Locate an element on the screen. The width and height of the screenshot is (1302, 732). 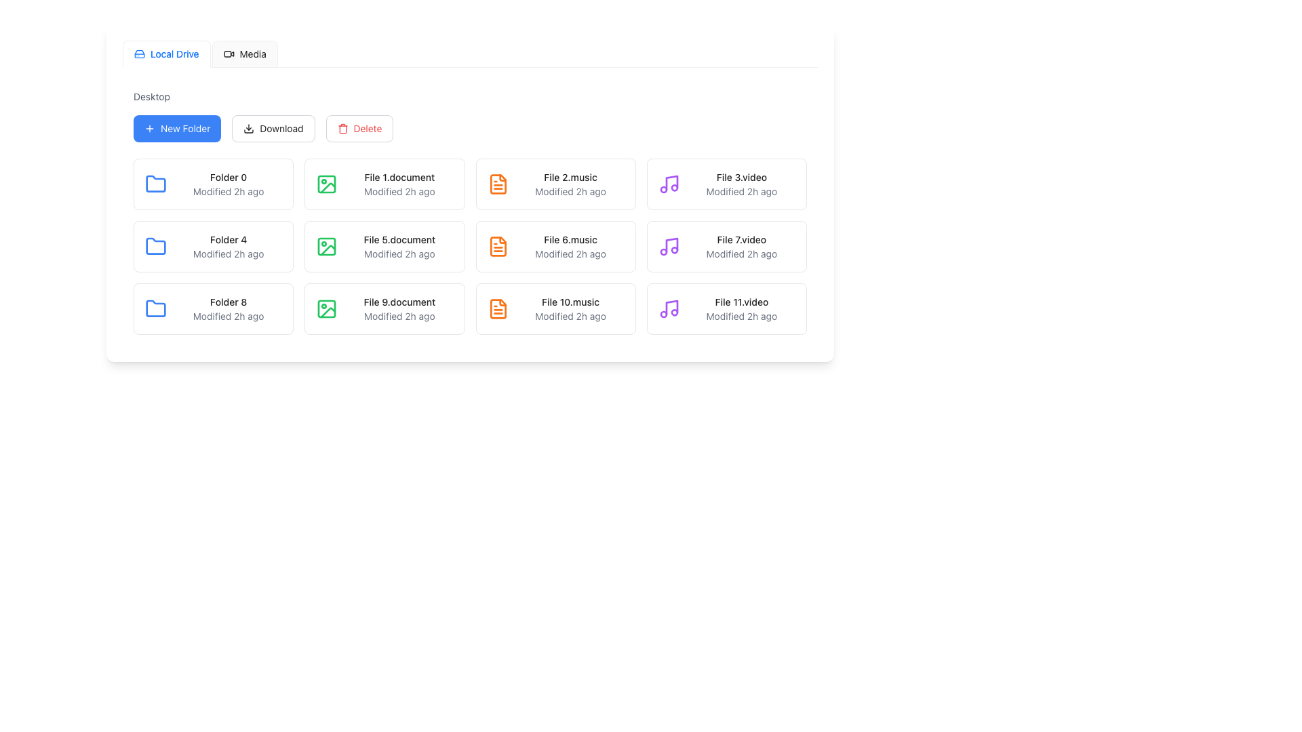
the music file icon representing 'File 2.music' located in the top-right region of the interface grid layout is located at coordinates (497, 184).